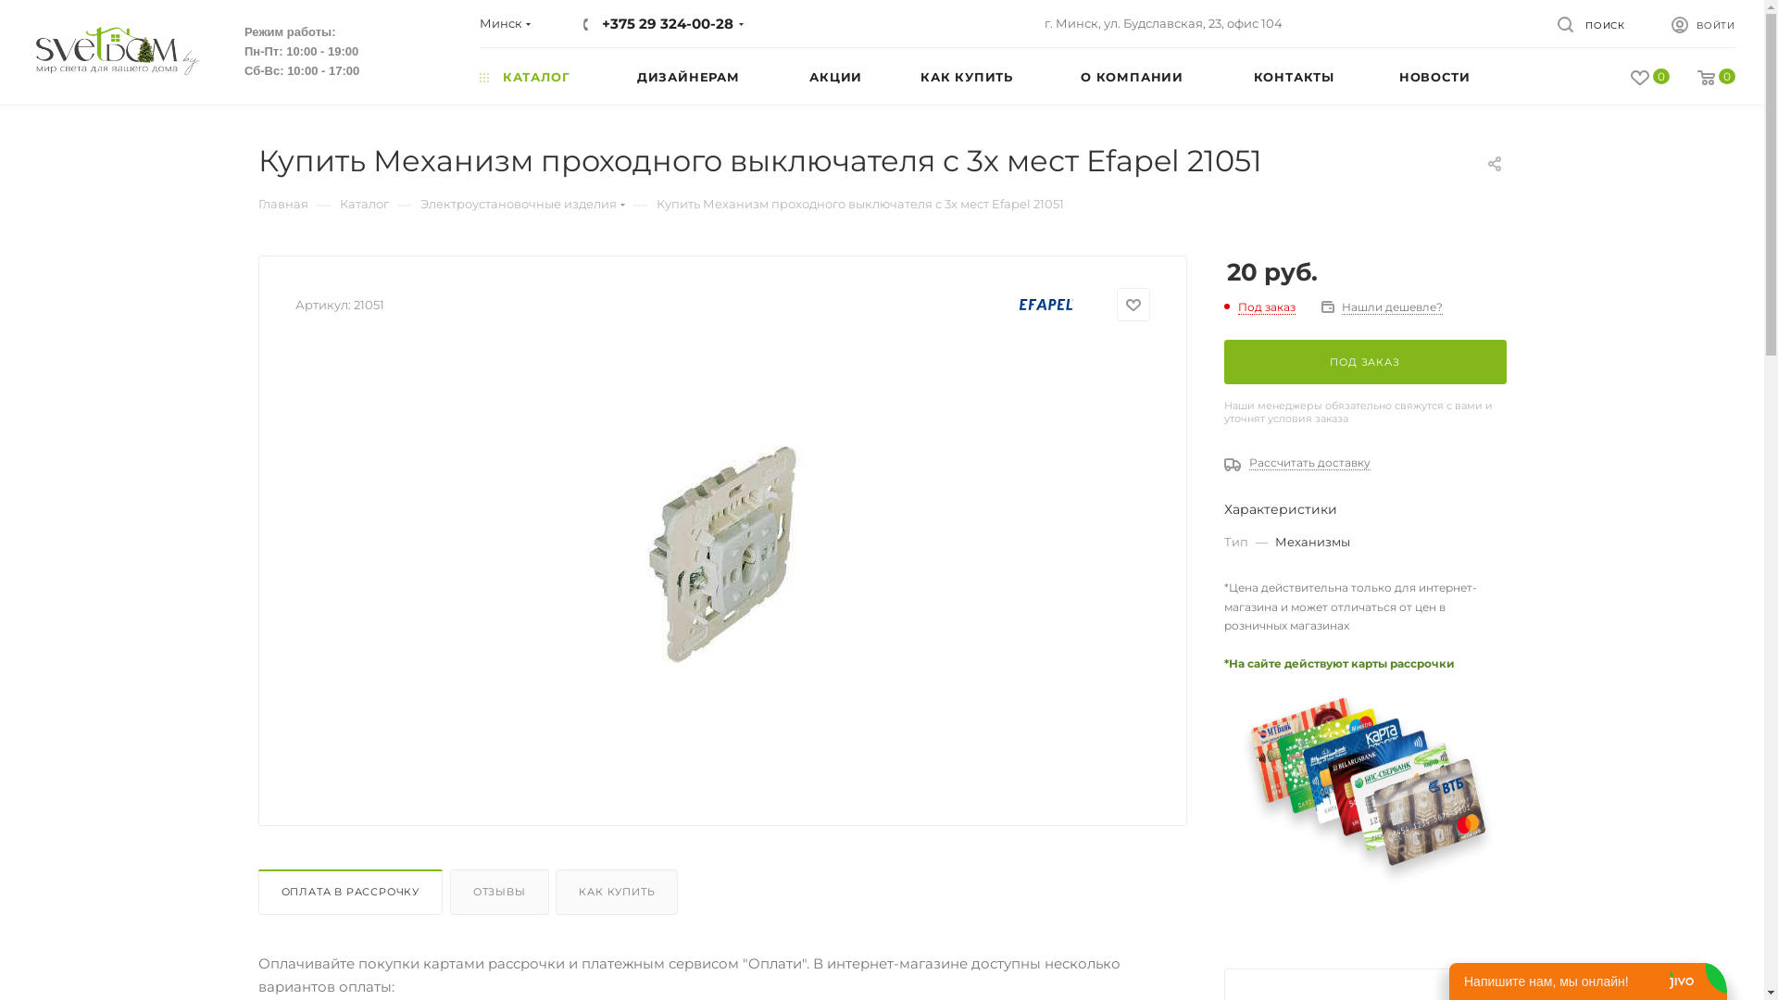  I want to click on '0', so click(1702, 77).